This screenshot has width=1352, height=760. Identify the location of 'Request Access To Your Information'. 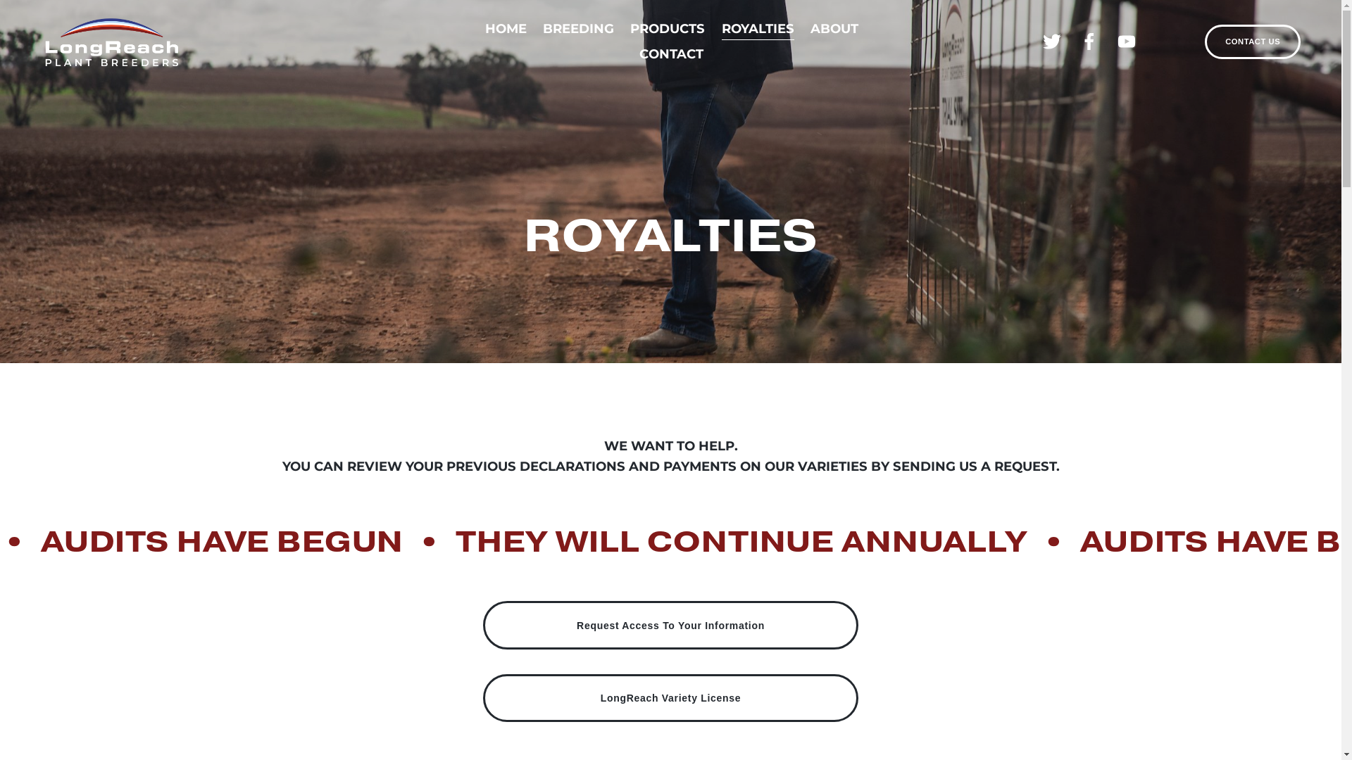
(670, 624).